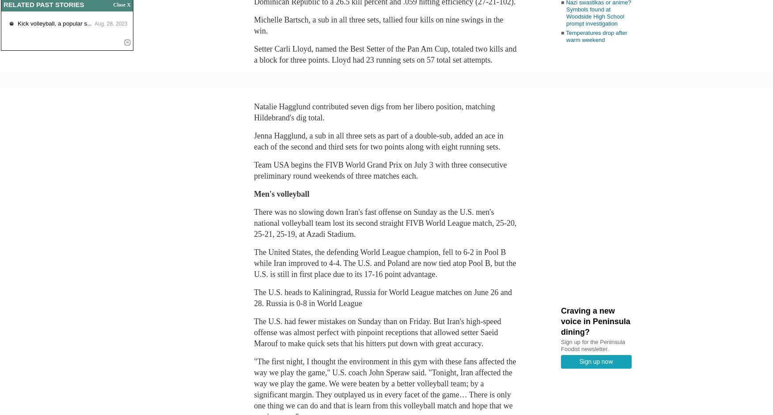 This screenshot has width=773, height=415. I want to click on 'The U.S. heads to Kaliningrad, Russia for World League matches on June 26 and 28. Russia is 0-8 in World League', so click(383, 297).